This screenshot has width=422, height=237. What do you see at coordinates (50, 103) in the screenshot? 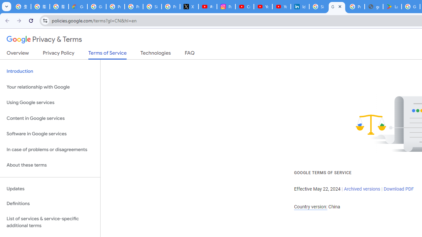
I see `'Using Google services'` at bounding box center [50, 103].